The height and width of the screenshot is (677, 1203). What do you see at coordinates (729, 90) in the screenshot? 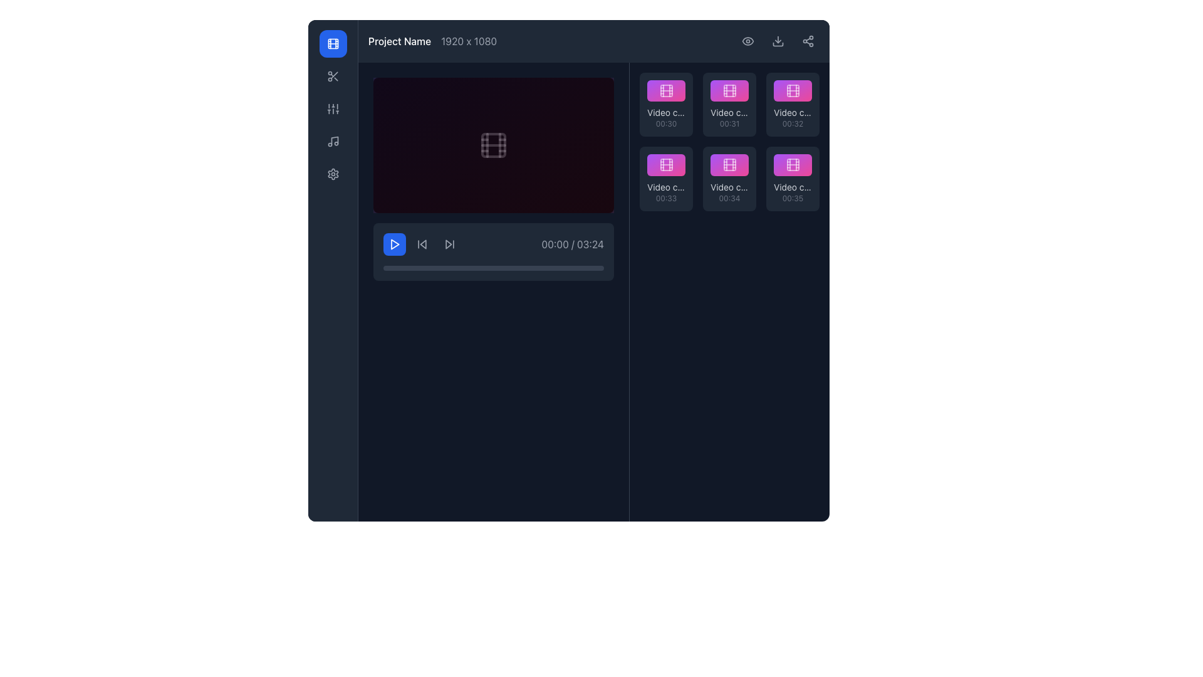
I see `the distinctive video clip icon with a rectangular shape and rounded corners, located in the second row of icons on the right section of the interface` at bounding box center [729, 90].